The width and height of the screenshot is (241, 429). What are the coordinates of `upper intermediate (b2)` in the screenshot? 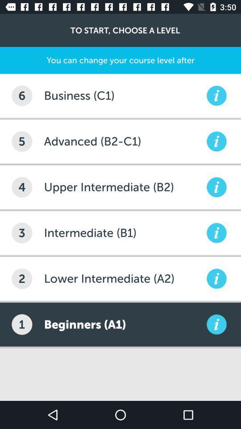 It's located at (124, 187).